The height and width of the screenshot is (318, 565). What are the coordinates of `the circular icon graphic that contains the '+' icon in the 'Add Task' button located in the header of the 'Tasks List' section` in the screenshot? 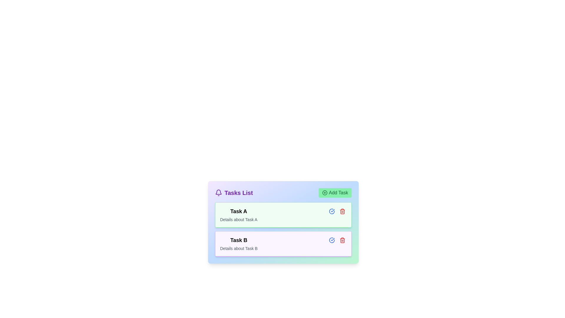 It's located at (325, 193).